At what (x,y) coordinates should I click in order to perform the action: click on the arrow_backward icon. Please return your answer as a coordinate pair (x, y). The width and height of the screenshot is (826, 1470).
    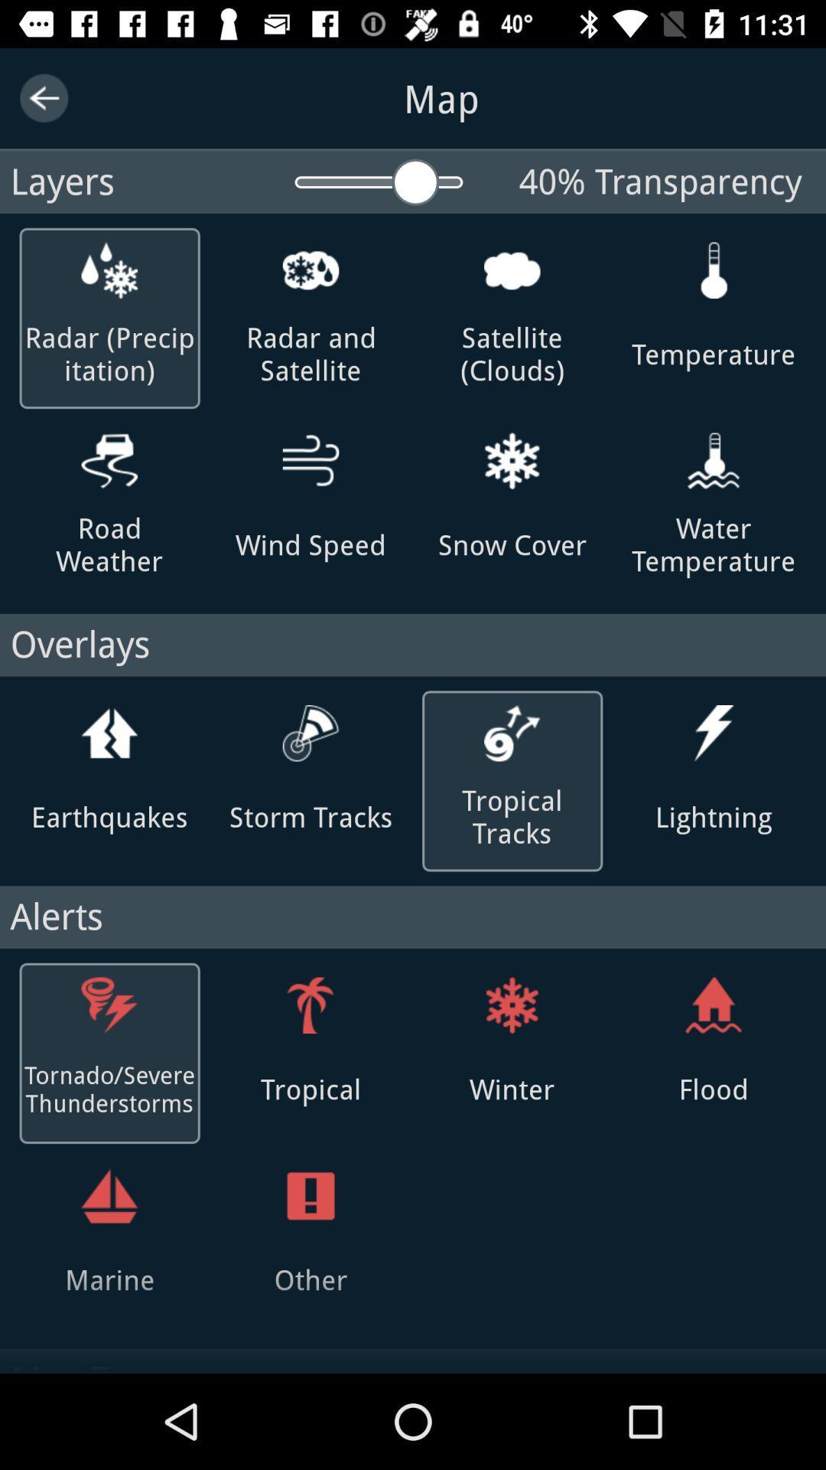
    Looking at the image, I should click on (43, 97).